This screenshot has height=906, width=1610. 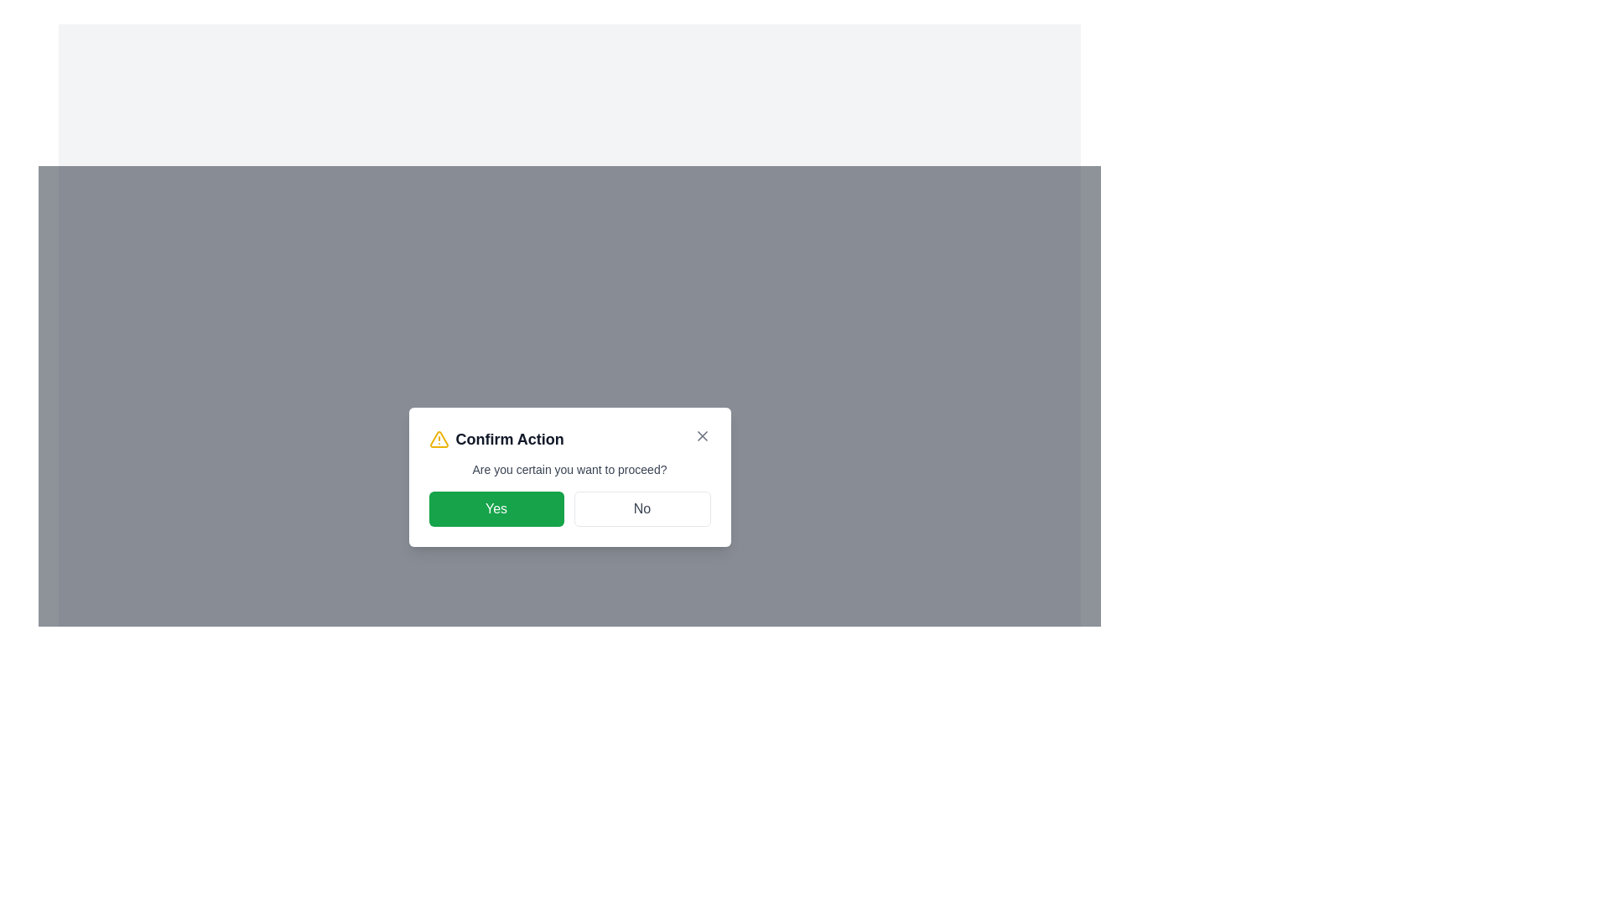 I want to click on the small cross-shaped icon button in the upper right corner of the 'Confirm Action' modal, so click(x=702, y=435).